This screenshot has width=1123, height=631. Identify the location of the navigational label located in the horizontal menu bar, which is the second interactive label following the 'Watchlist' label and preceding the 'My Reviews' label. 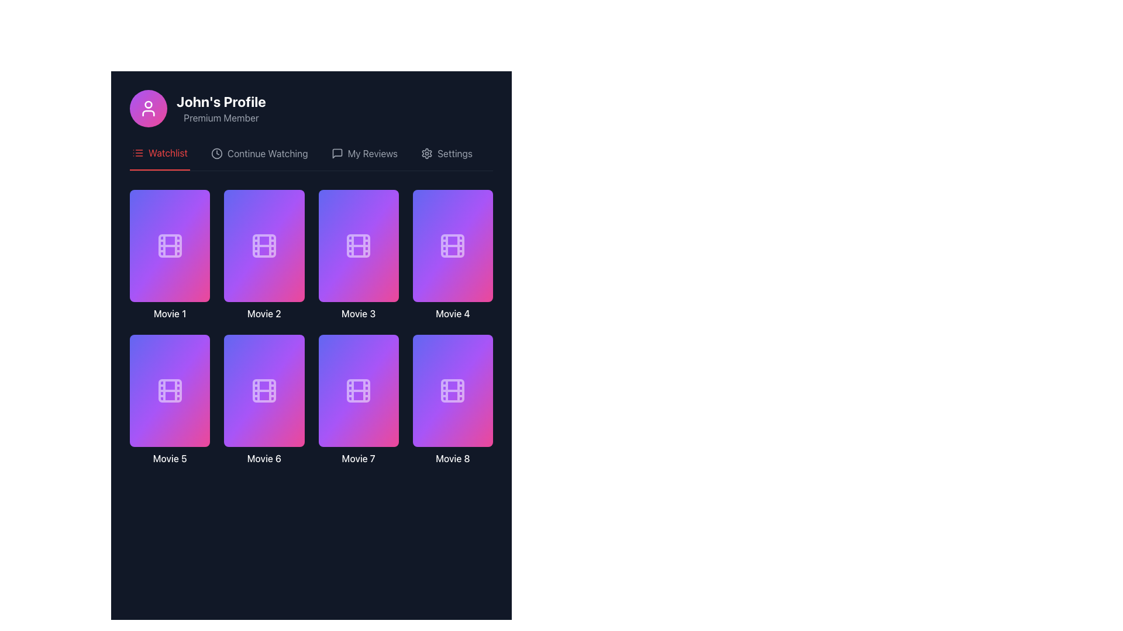
(267, 152).